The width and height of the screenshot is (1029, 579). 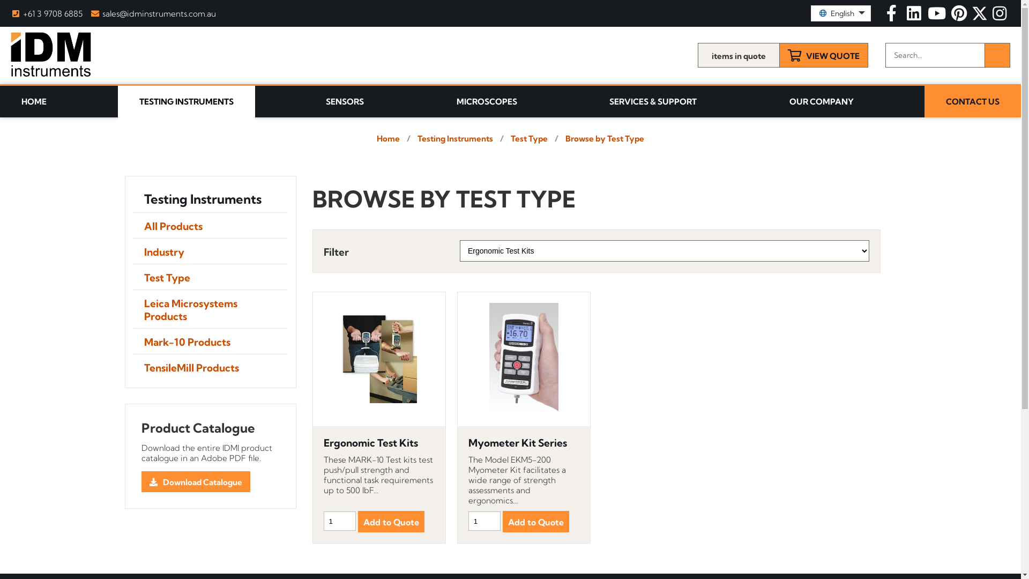 I want to click on 'IDM Instruments on Facebook', so click(x=892, y=16).